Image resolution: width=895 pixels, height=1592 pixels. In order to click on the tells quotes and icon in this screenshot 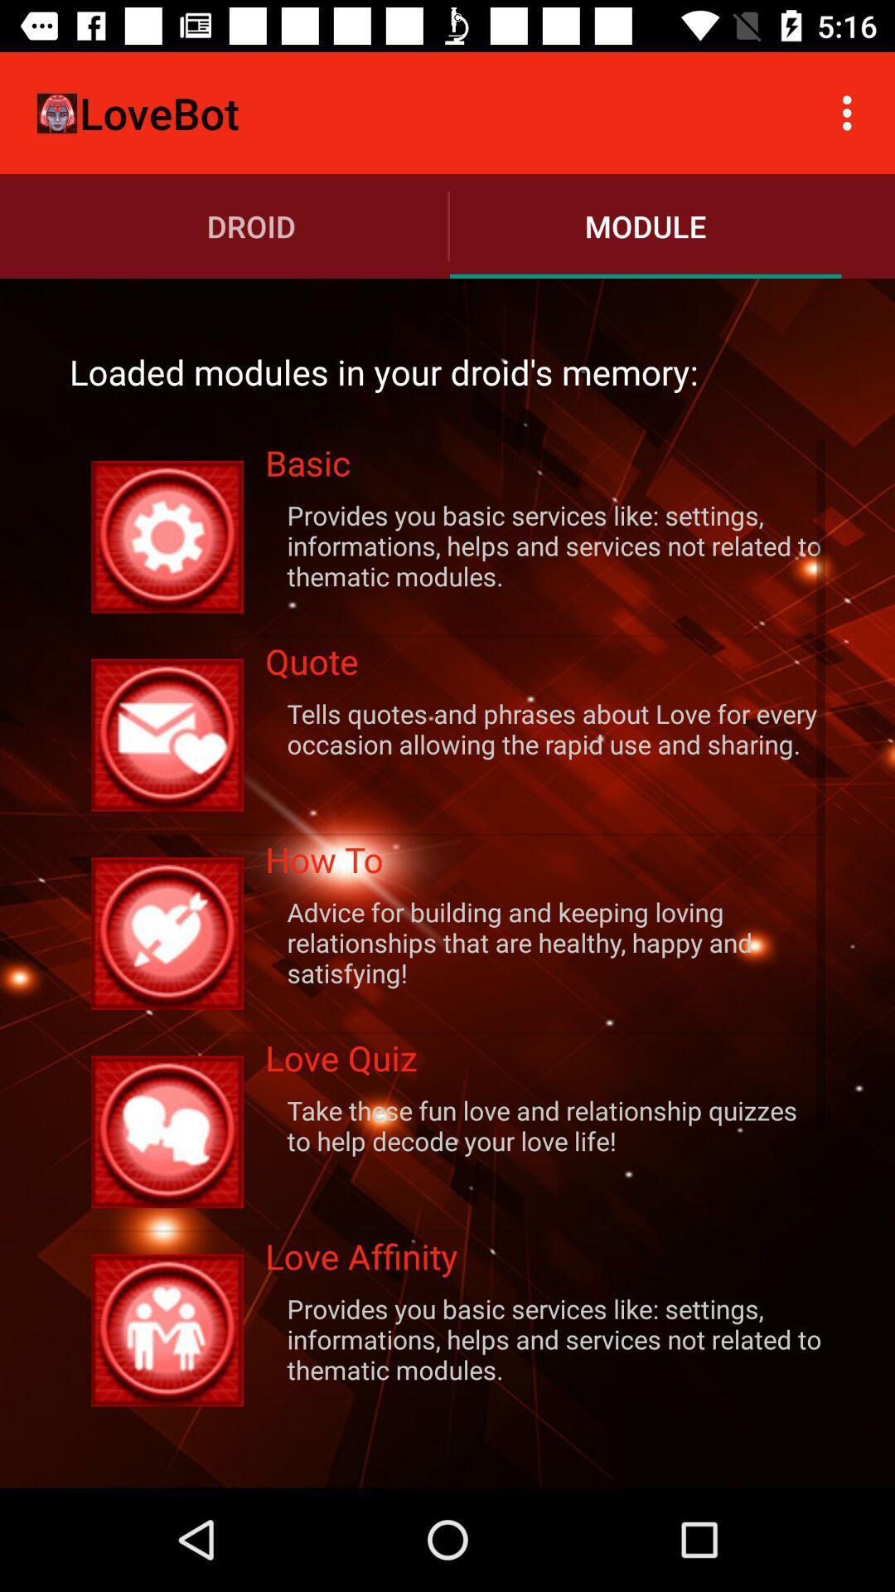, I will do `click(545, 728)`.